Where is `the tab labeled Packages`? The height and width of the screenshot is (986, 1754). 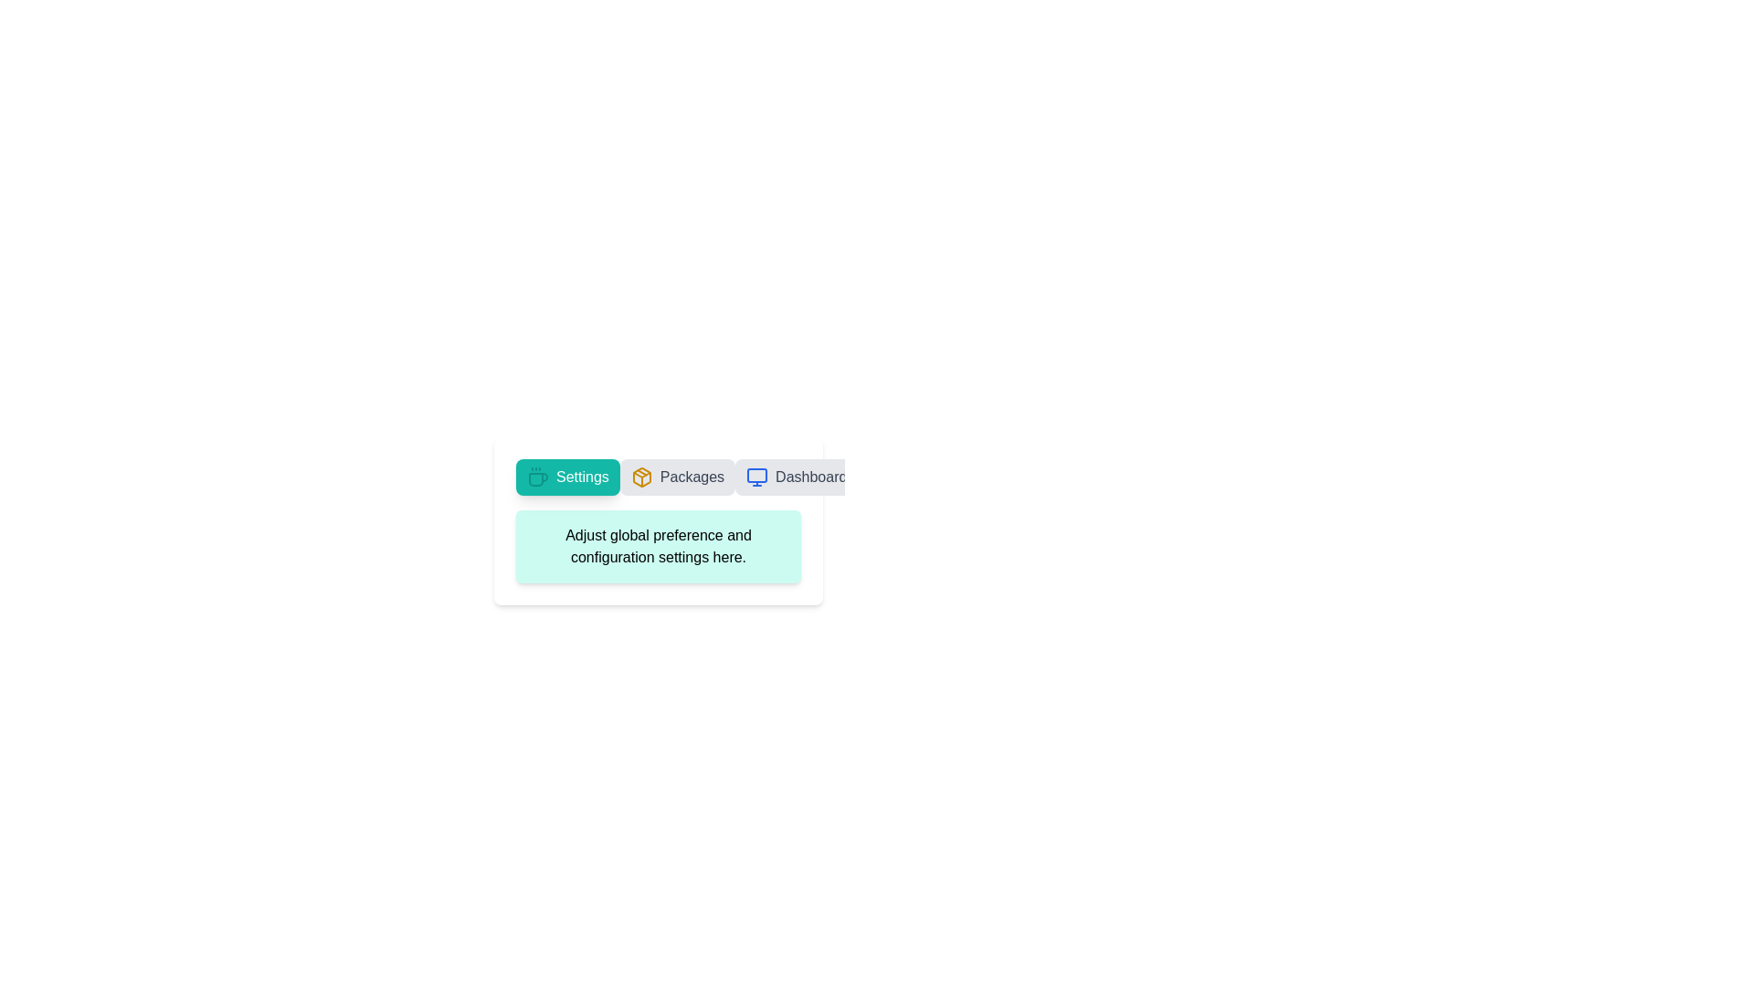
the tab labeled Packages is located at coordinates (676, 477).